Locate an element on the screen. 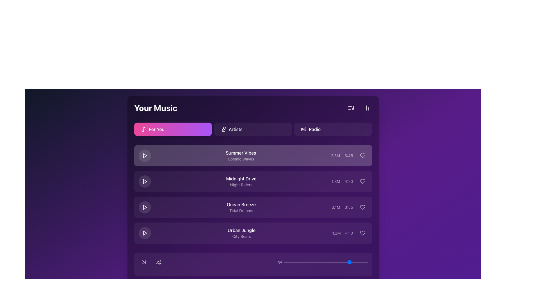 The height and width of the screenshot is (303, 539). text of the Text Label that serves as the title for a music track item, located in the third row of the music track list, above the subtitle 'Tidal Dreams' and to the right of the play button icon is located at coordinates (241, 205).